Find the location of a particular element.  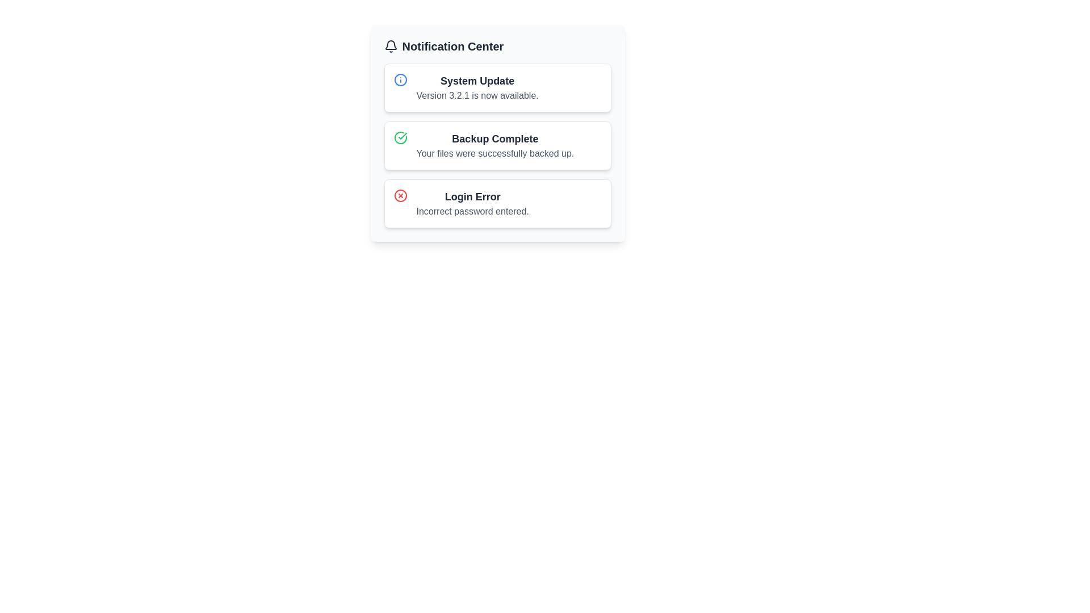

the 'System Update' notification icon, which is the first element in a vertical list of icons located directly to the left of the text 'System Update' is located at coordinates (400, 79).